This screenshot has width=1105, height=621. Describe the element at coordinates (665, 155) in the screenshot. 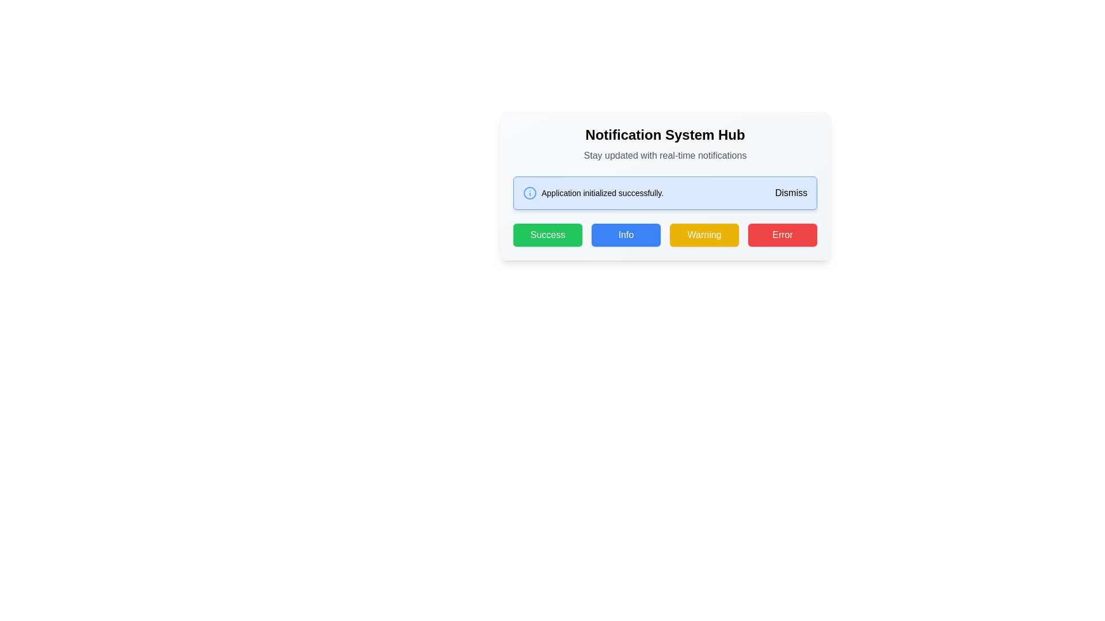

I see `the text element reading 'Stay updated with real-time notifications.' which is positioned below the title 'Notification System Hub.'` at that location.